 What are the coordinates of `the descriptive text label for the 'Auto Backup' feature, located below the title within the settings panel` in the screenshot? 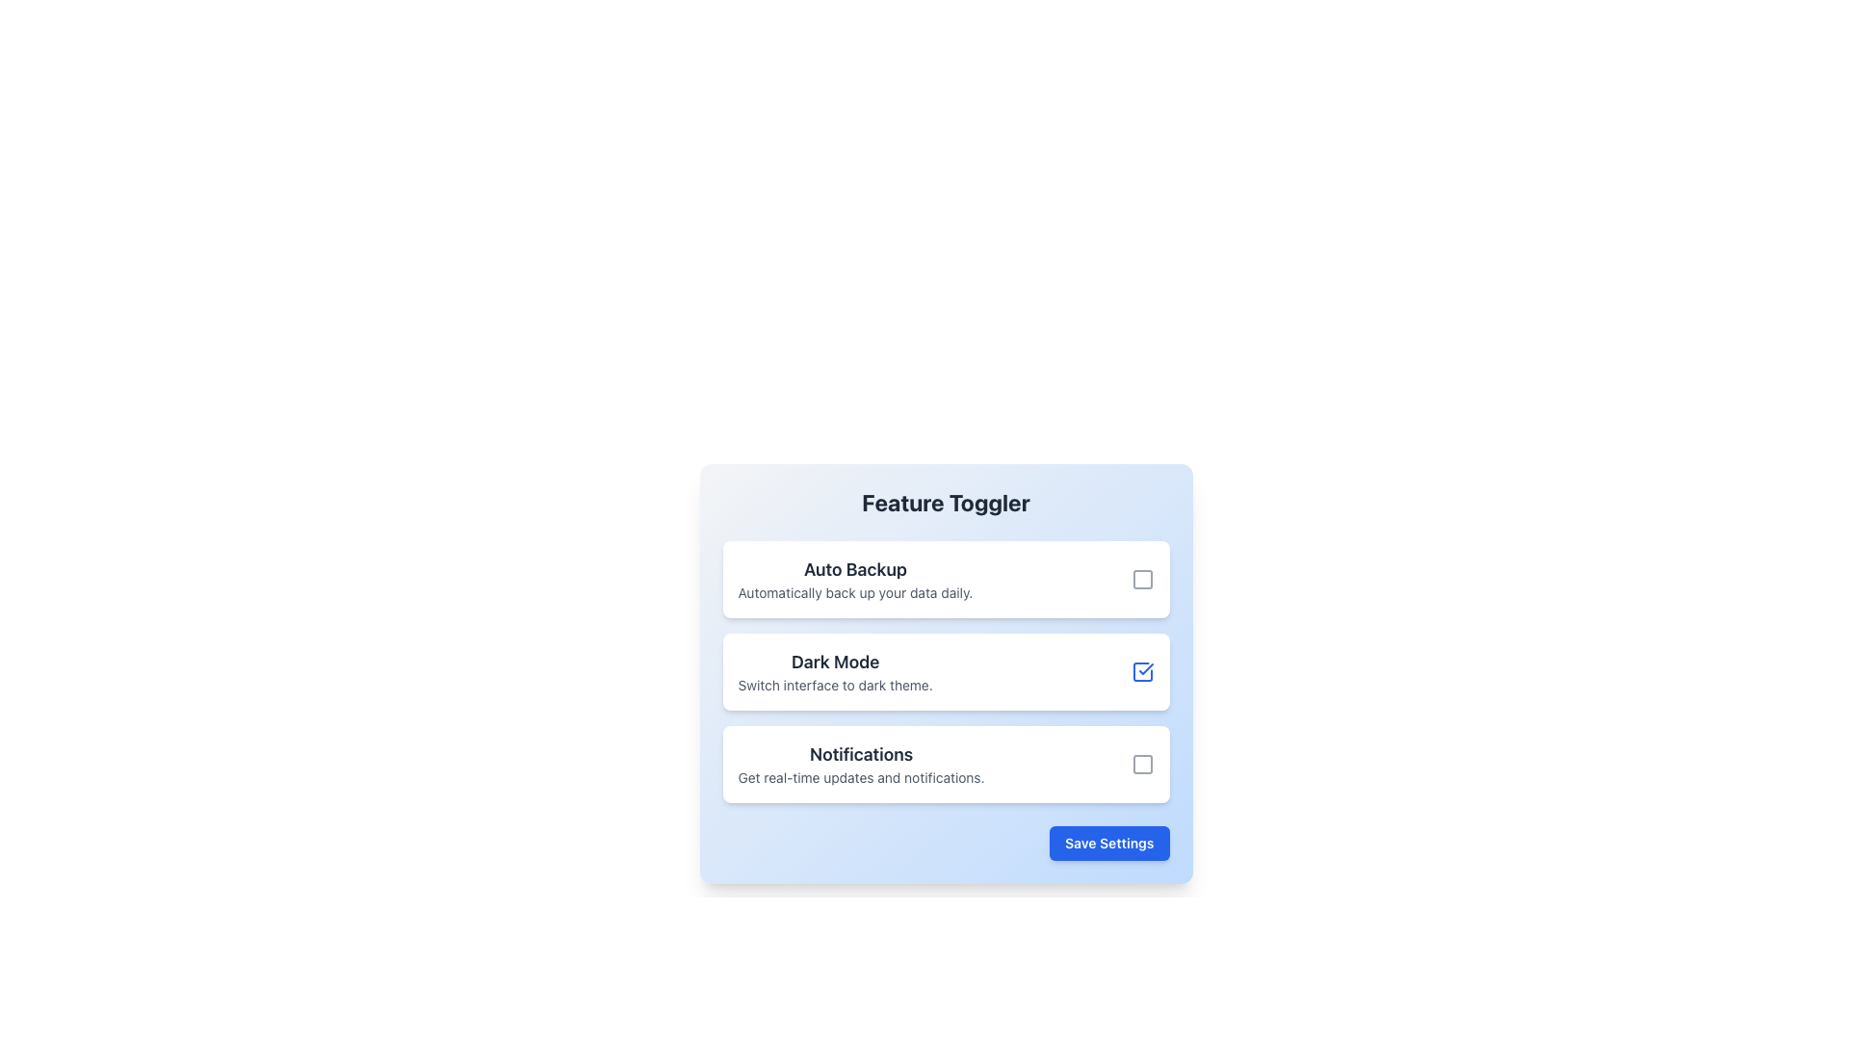 It's located at (854, 592).